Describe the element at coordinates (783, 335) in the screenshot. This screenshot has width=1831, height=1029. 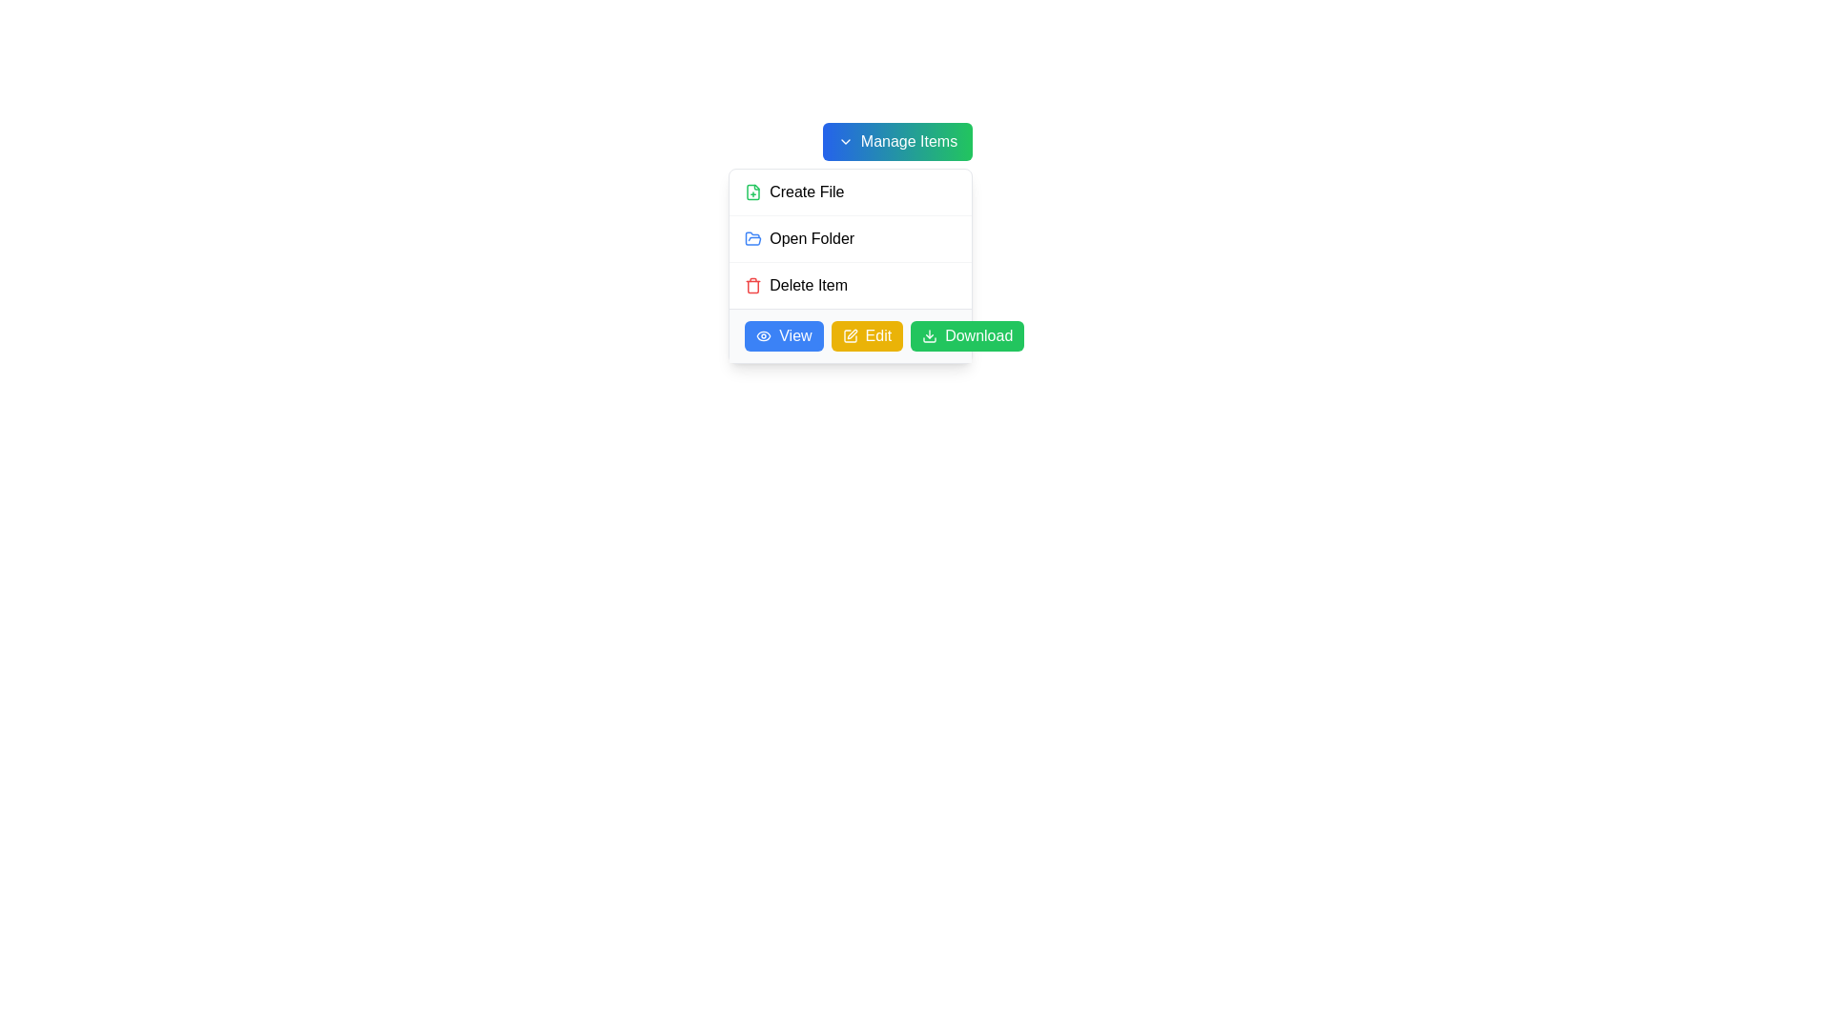
I see `the first button in a row of three buttons located at the bottom of a card interface` at that location.